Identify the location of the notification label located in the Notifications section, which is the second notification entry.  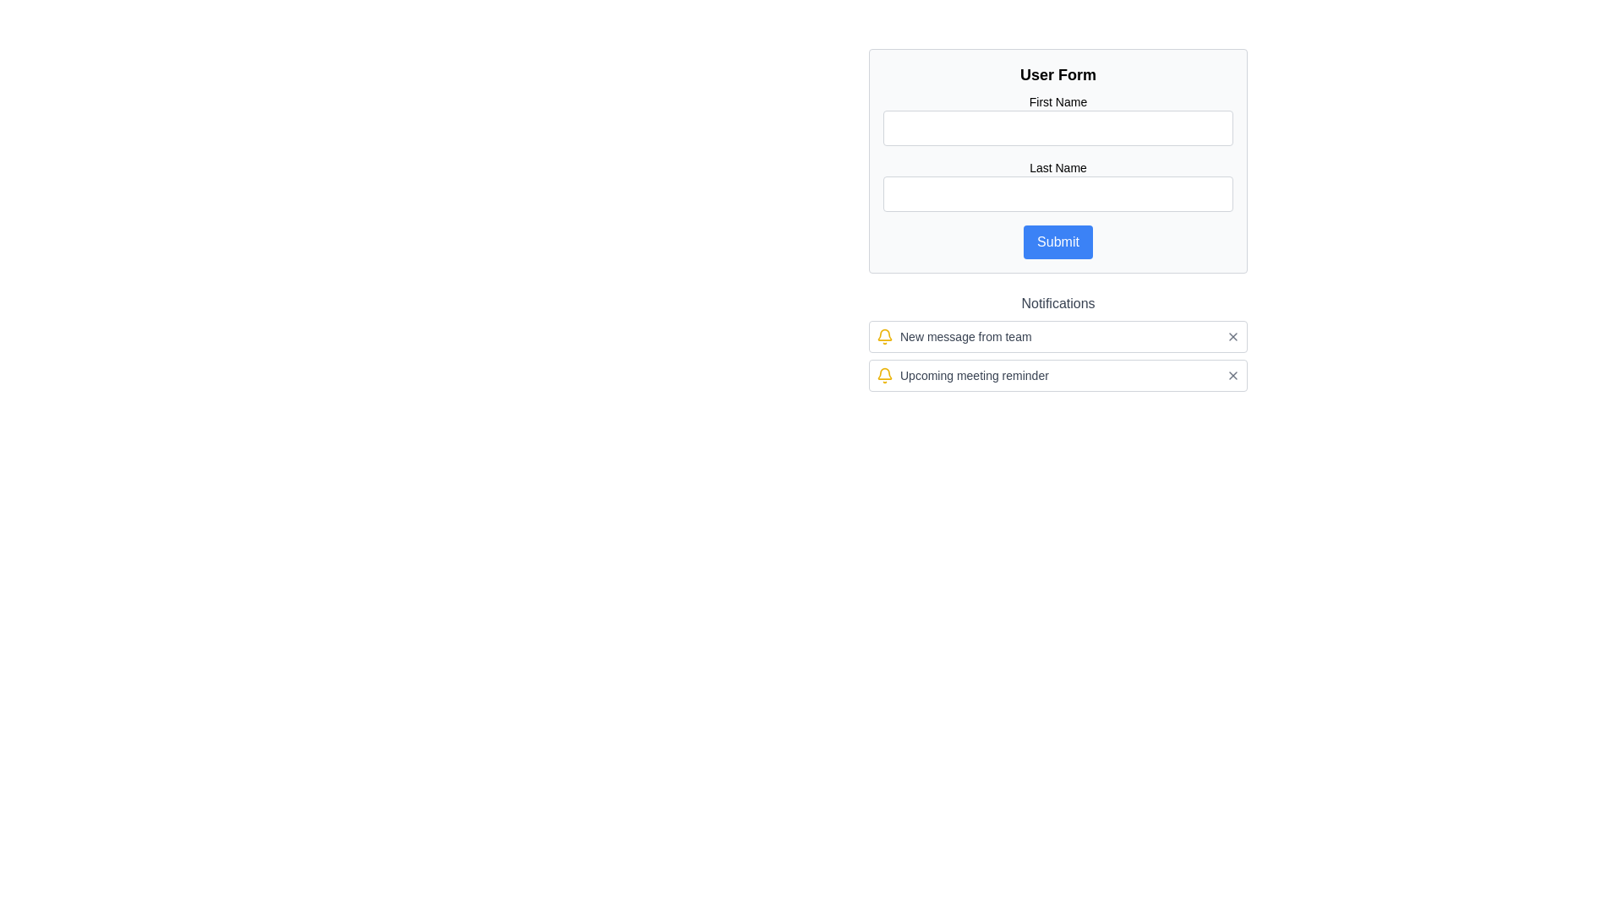
(962, 374).